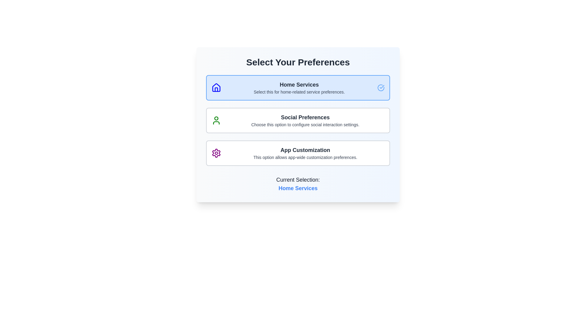 This screenshot has width=581, height=327. Describe the element at coordinates (298, 184) in the screenshot. I see `the Text Label that displays the user's current selection, located at the bottom of the 'Select Your Preferences' panel` at that location.